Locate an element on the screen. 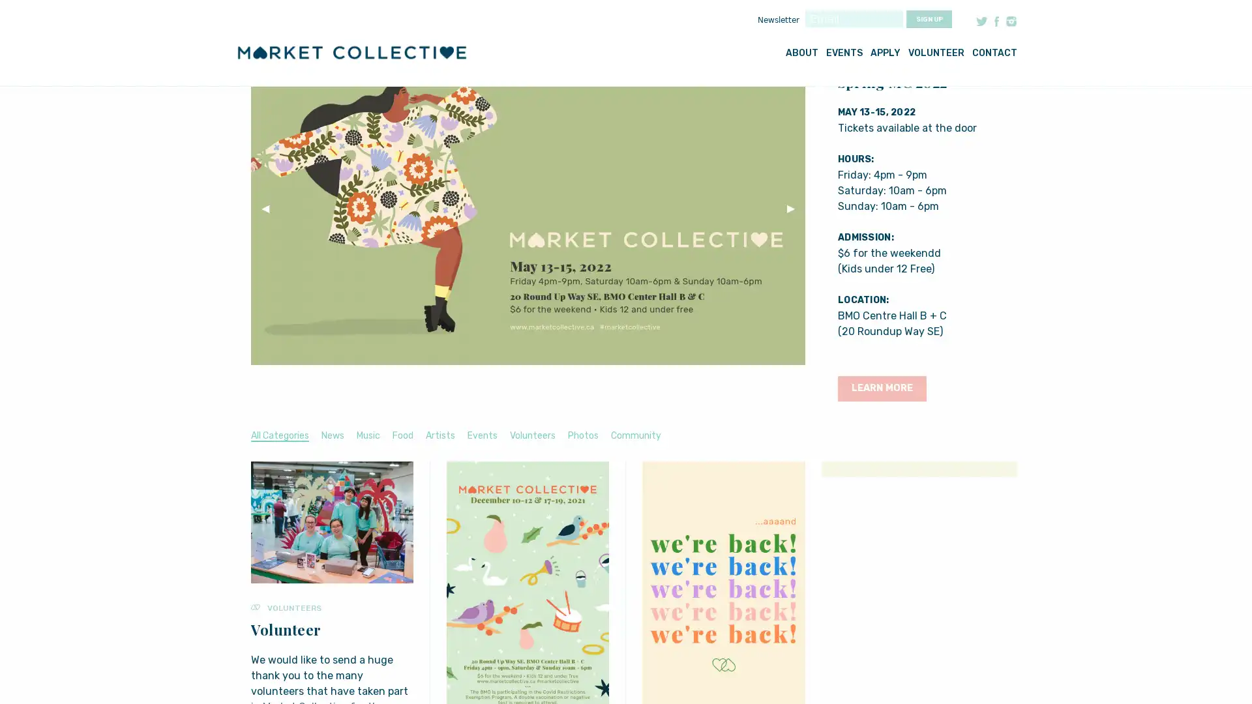 This screenshot has height=704, width=1252. Sign up is located at coordinates (929, 19).